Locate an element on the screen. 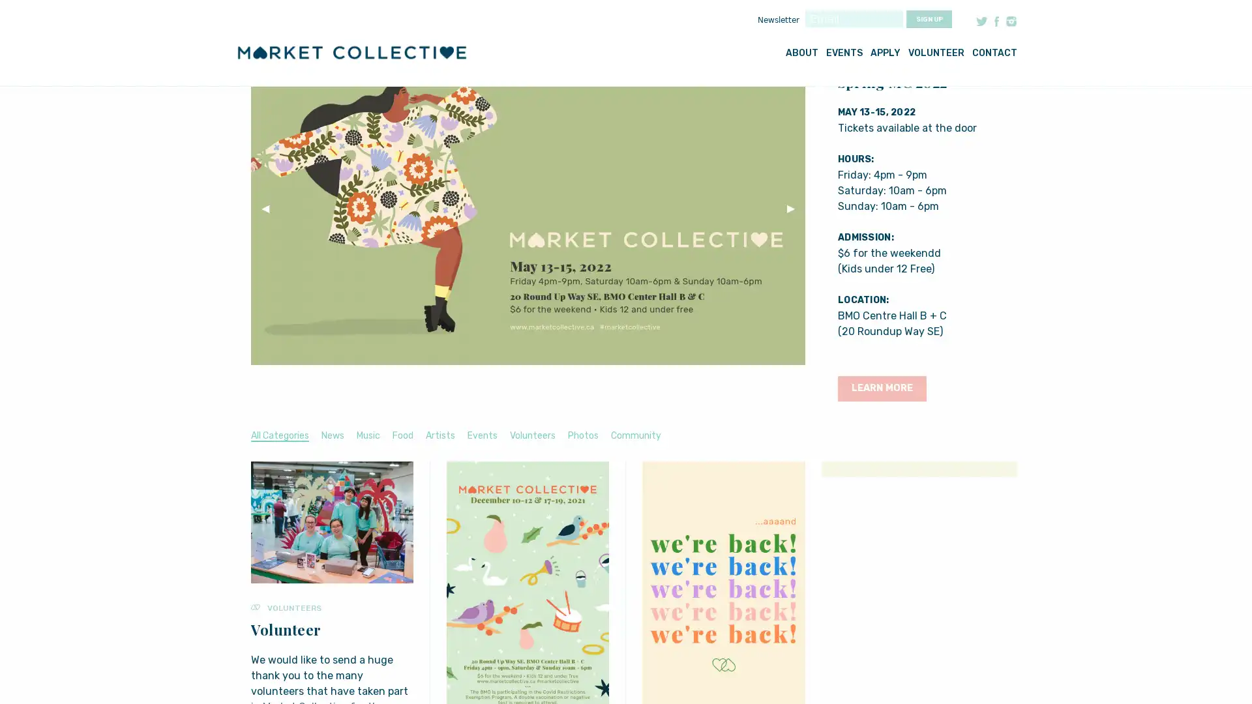 This screenshot has height=704, width=1252. Sign up is located at coordinates (929, 19).